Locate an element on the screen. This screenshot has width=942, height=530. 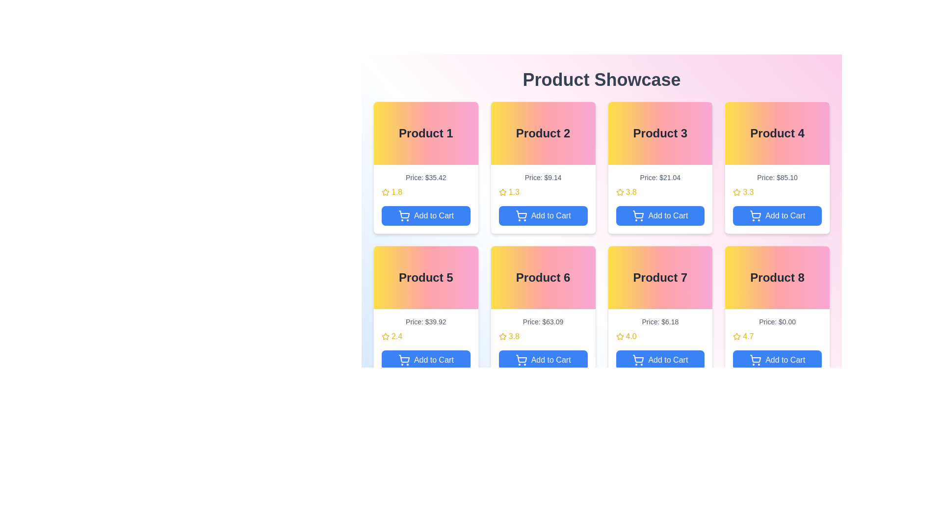
the 'Add to Cart' button with a blue background and a shopping cart icon located at the bottom of 'Product 4' card is located at coordinates (777, 215).